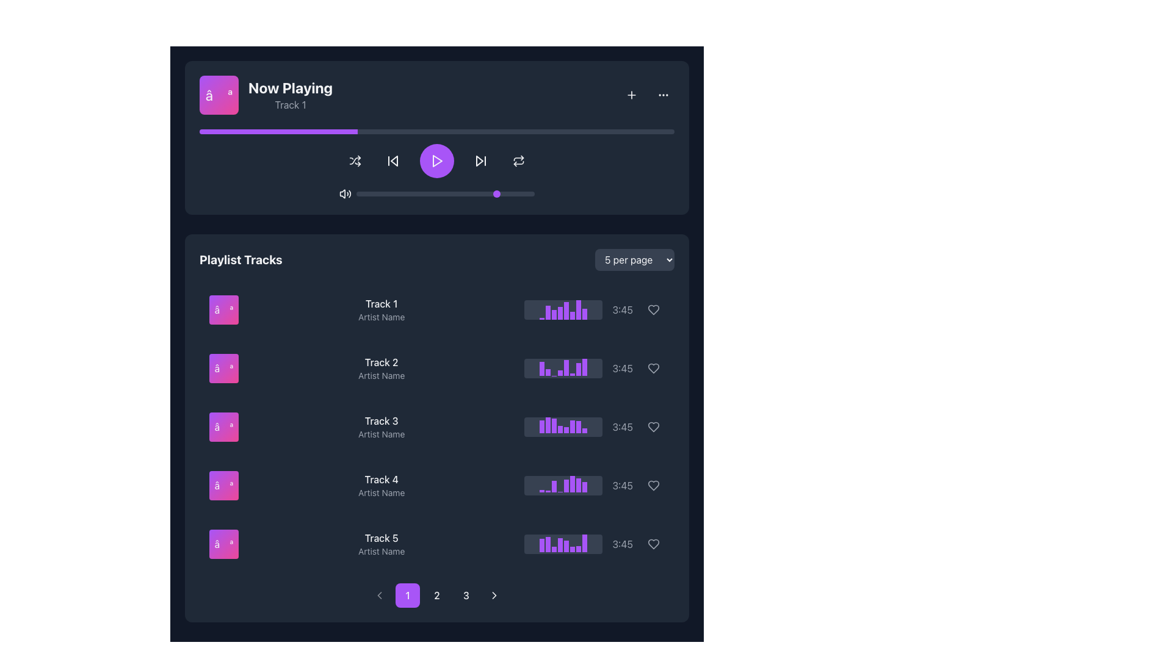 This screenshot has width=1172, height=659. Describe the element at coordinates (653, 484) in the screenshot. I see `the heart-shaped icon with white outlines located to the far right of the track details row, adjacent to the purple bar chart and time duration text ('3:45'), to like this track` at that location.